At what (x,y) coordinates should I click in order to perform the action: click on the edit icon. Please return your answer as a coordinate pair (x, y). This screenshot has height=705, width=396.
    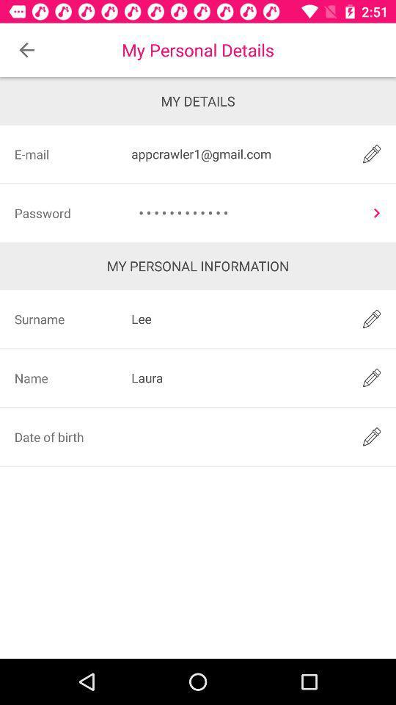
    Looking at the image, I should click on (372, 436).